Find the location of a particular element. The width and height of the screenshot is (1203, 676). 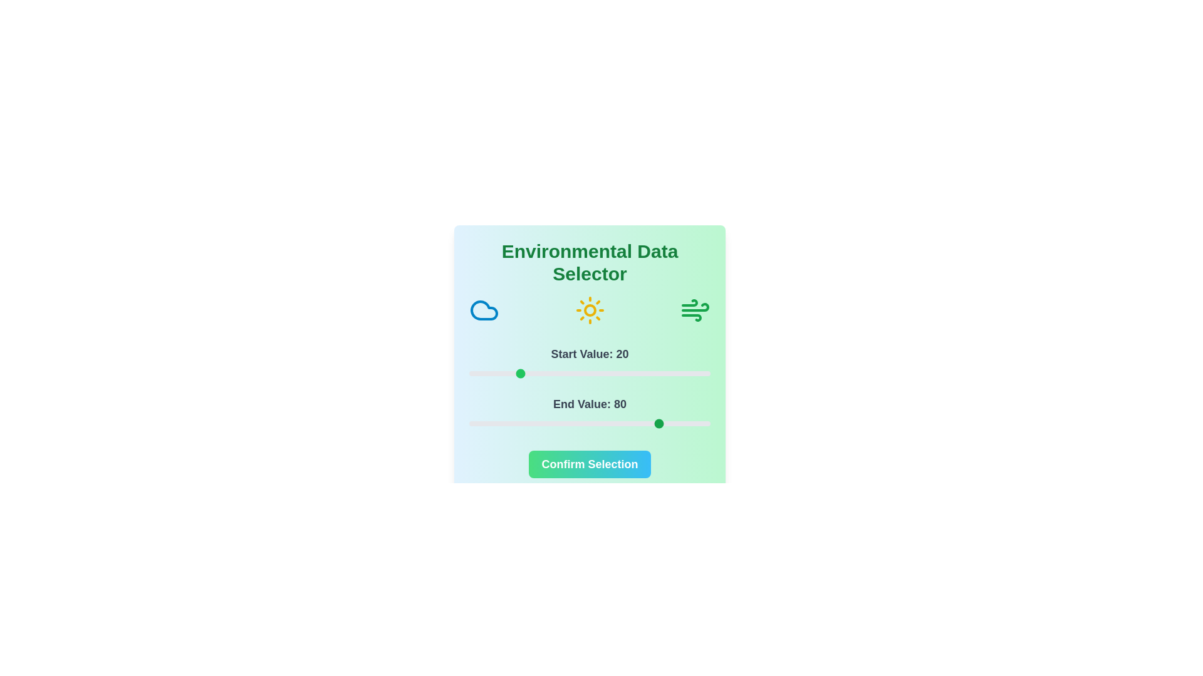

the End Value slider is located at coordinates (616, 423).